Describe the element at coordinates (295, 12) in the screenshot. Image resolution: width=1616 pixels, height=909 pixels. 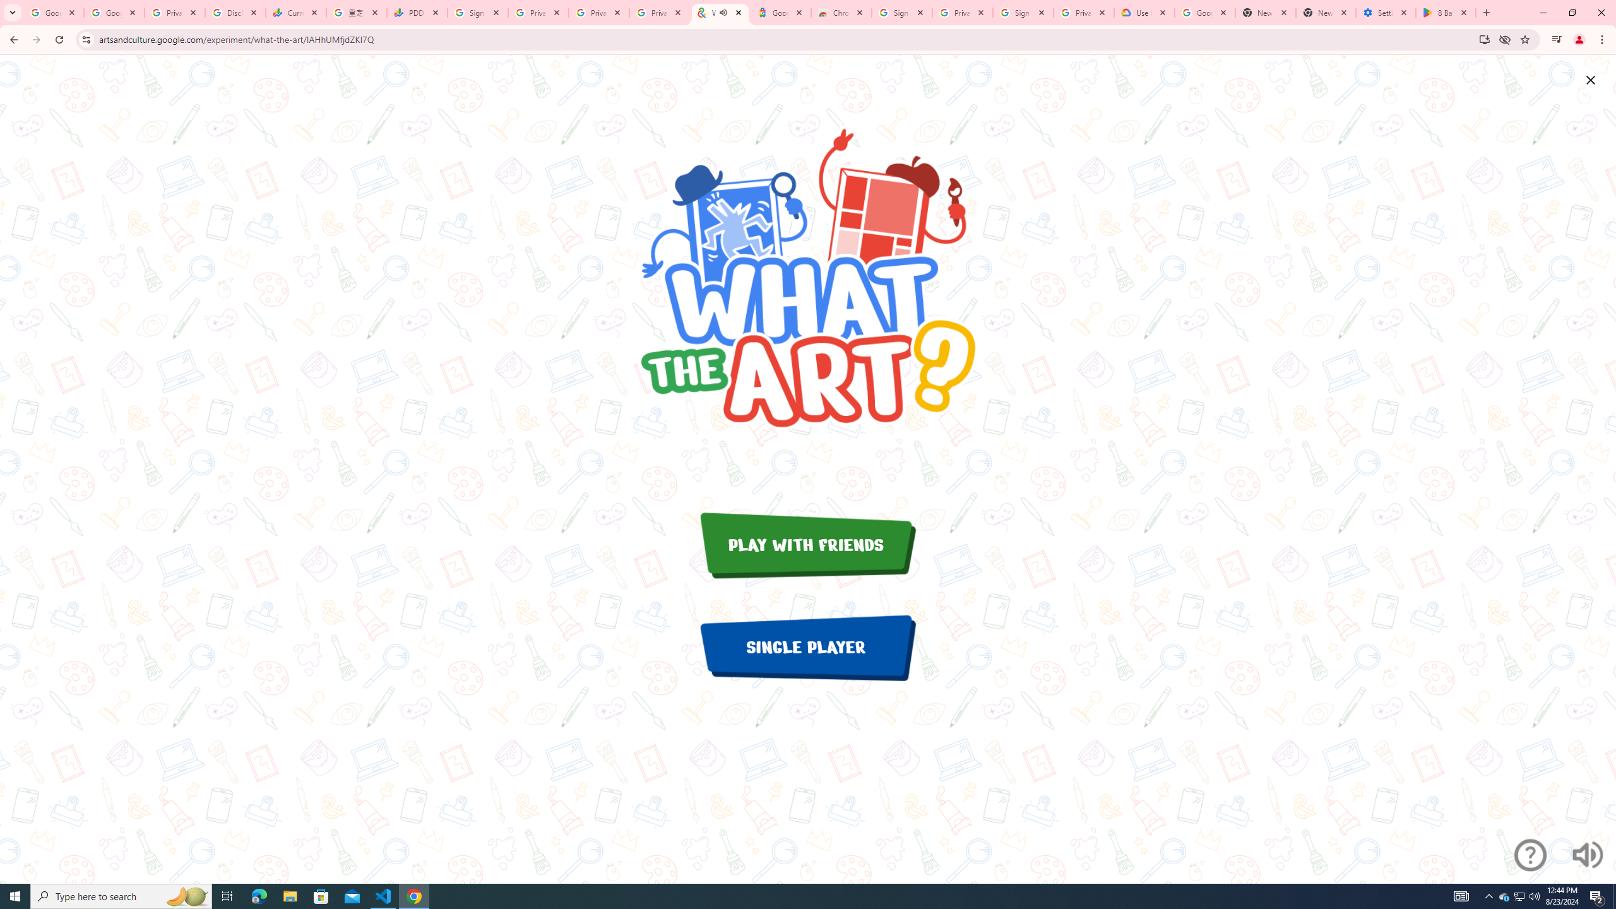
I see `'Currencies - Google Finance'` at that location.